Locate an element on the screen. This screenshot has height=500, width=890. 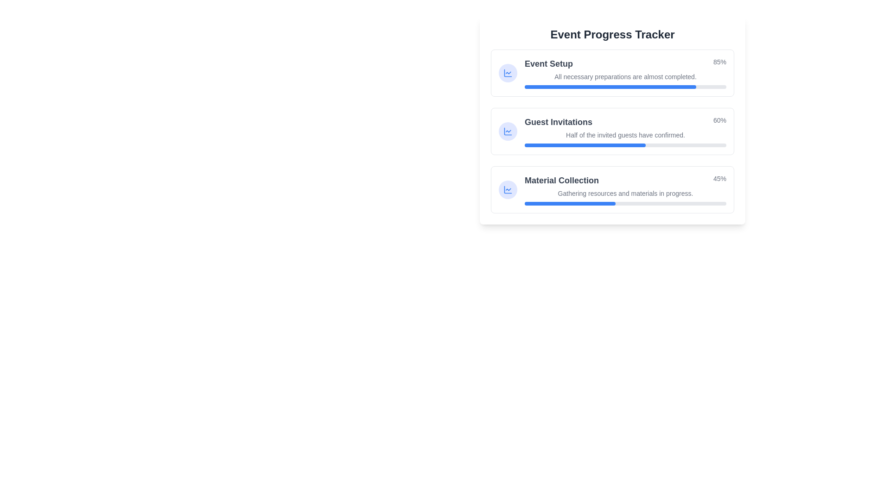
the progress bar representing guest confirmations, which visually indicates the percentage of confirmed invitations, located below the text 'Half of the invited guests have confirmed.' is located at coordinates (625, 145).